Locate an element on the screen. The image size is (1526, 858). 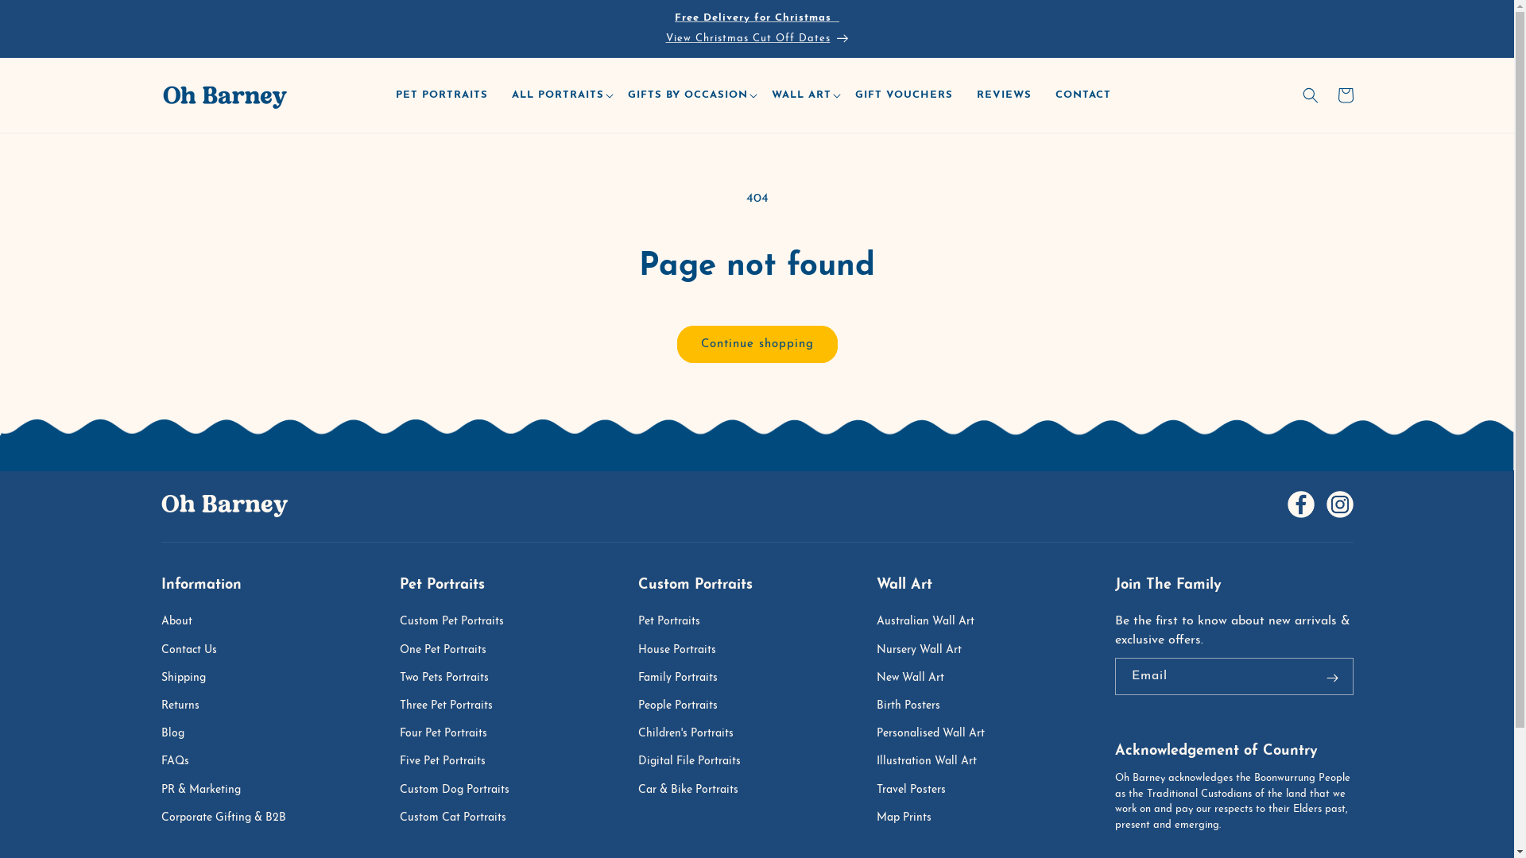
'FAQs' is located at coordinates (160, 760).